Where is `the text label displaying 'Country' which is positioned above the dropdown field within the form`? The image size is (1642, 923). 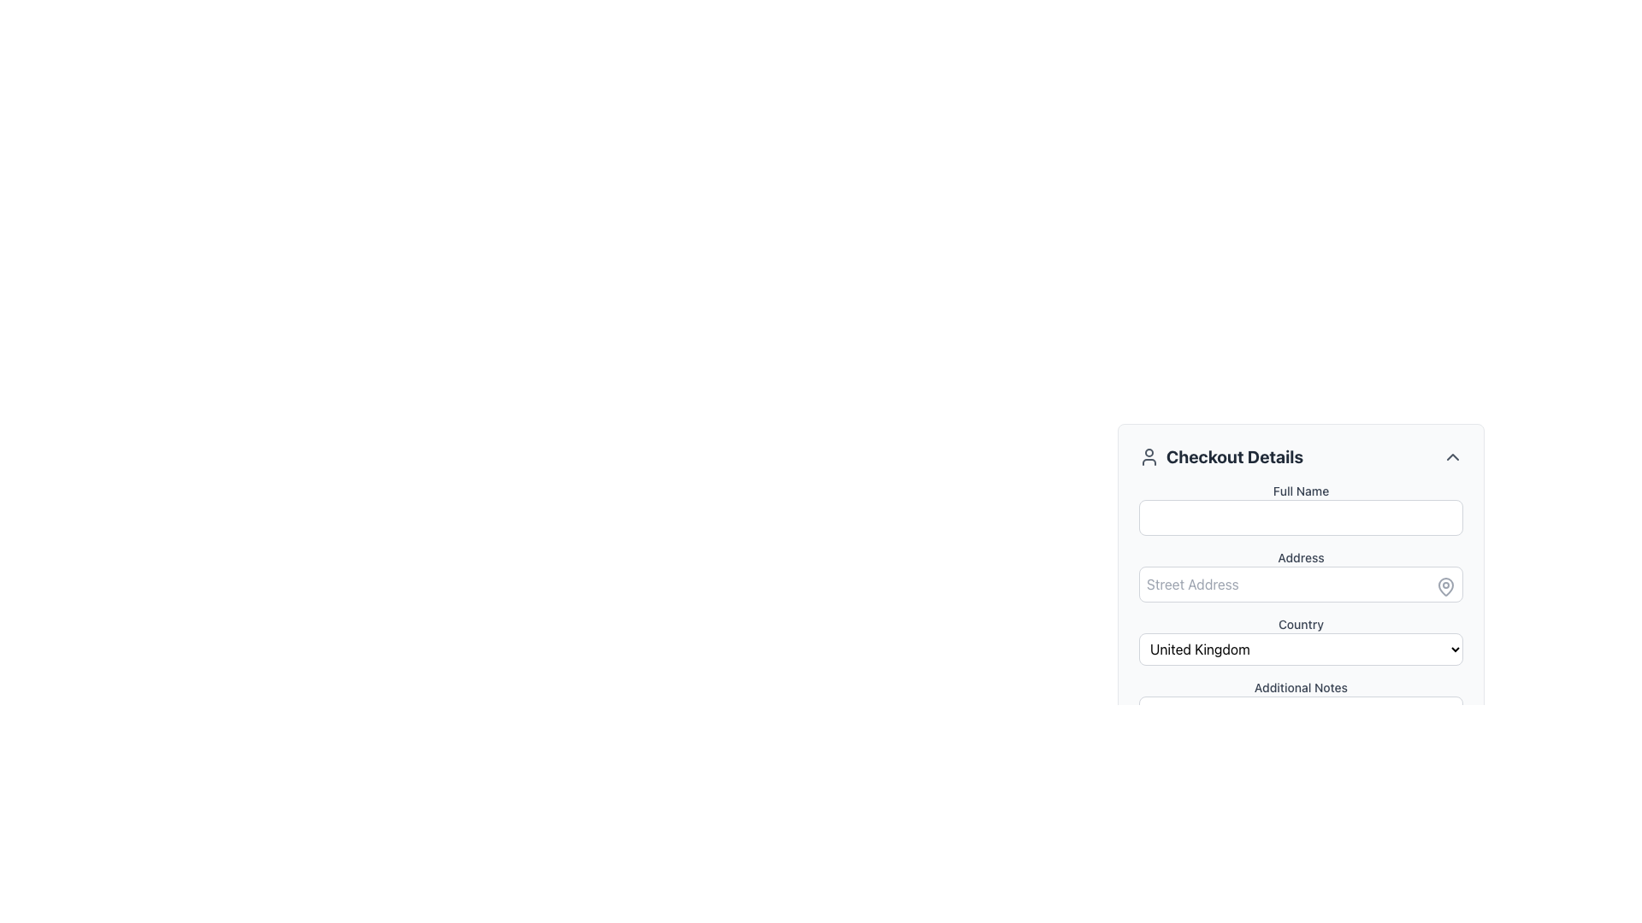 the text label displaying 'Country' which is positioned above the dropdown field within the form is located at coordinates (1300, 625).